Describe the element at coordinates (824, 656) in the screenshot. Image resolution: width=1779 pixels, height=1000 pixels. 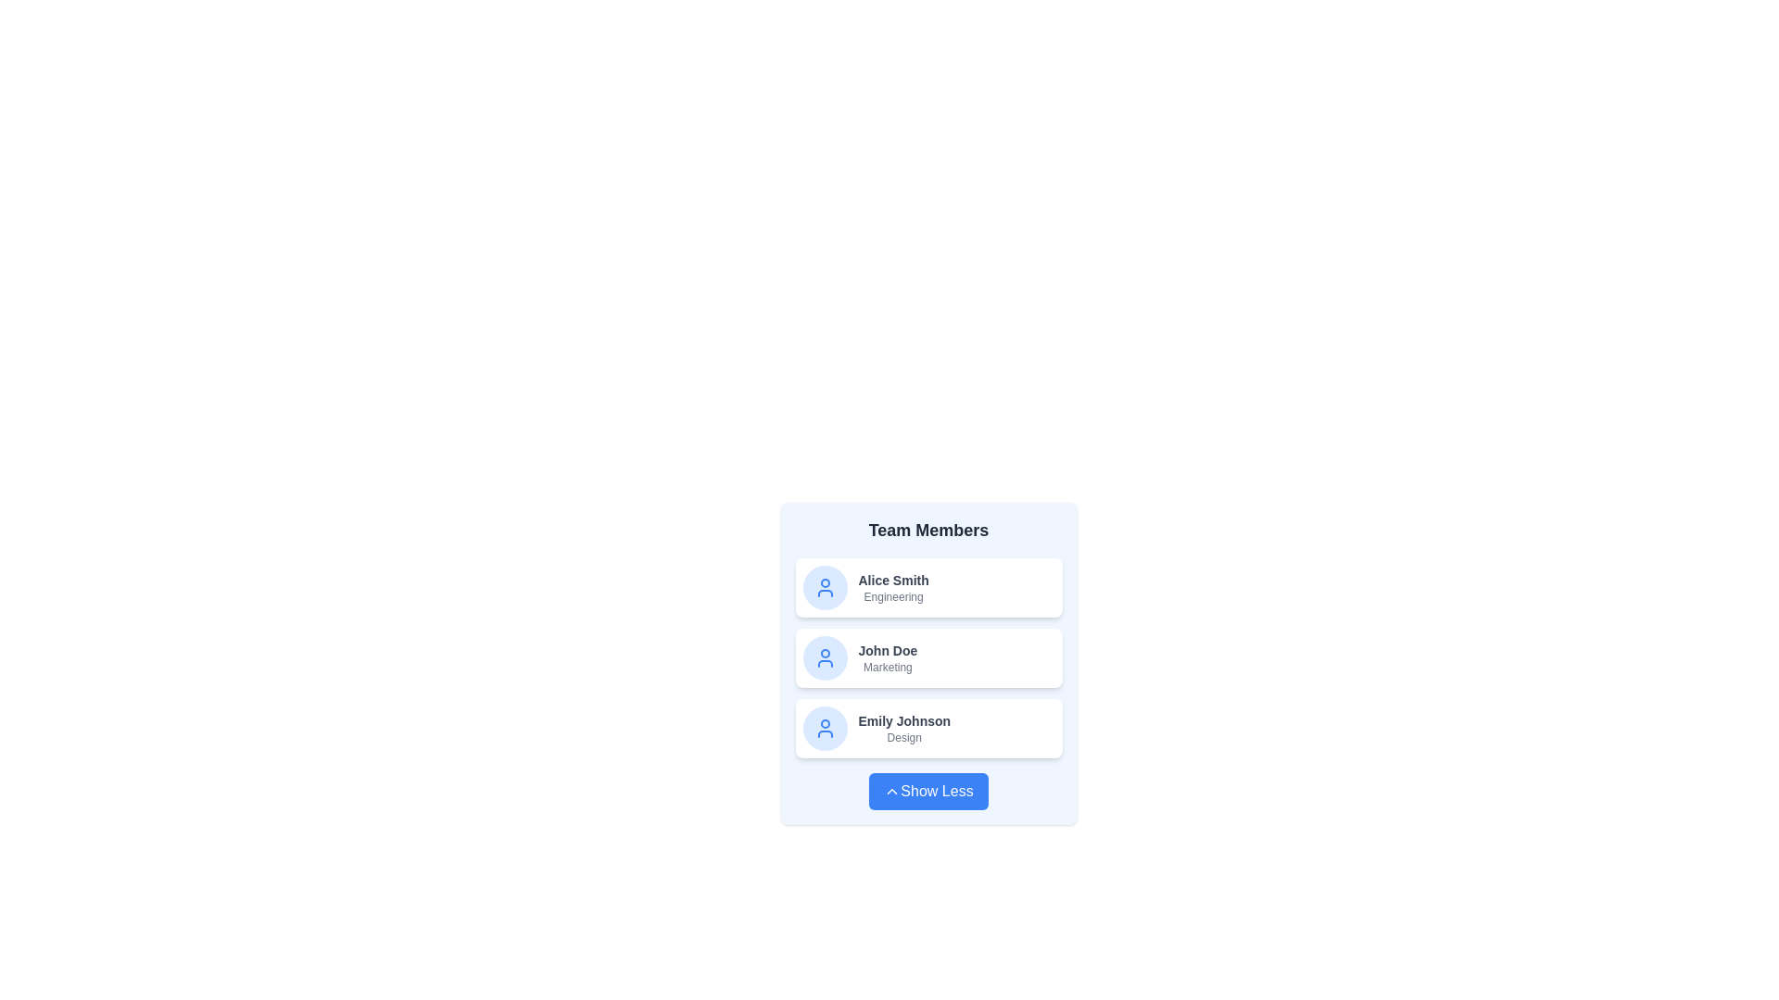
I see `the Visual Icon representing 'John Doe' in the upper-left section of the card, indicating his role in Marketing` at that location.